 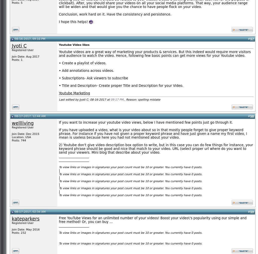 I want to click on '•	Subscriptions- Ask viewers to subscribe', so click(x=93, y=78).